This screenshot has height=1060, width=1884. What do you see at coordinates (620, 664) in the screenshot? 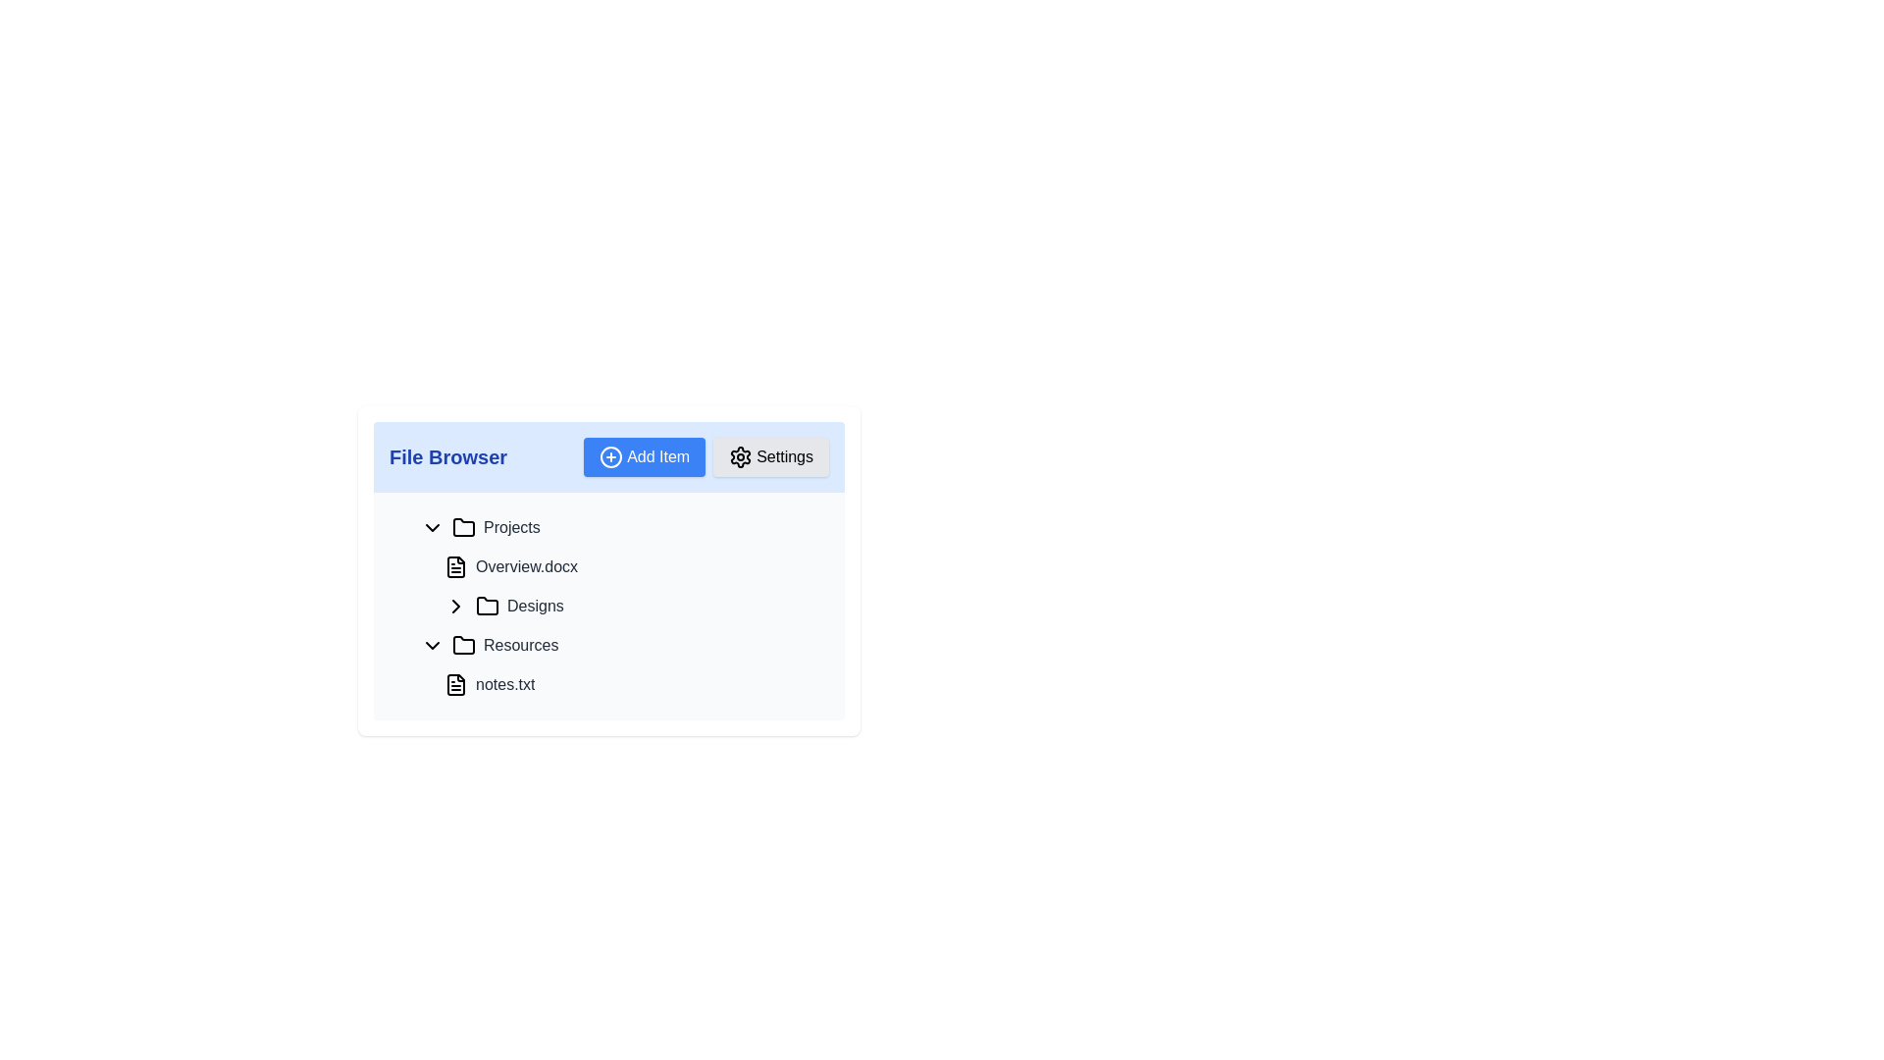
I see `the list item labeled 'notes.txt' which is displayed in a gray-colored area within a file browsing interface, located as the second item under the 'Resources' folder` at bounding box center [620, 664].